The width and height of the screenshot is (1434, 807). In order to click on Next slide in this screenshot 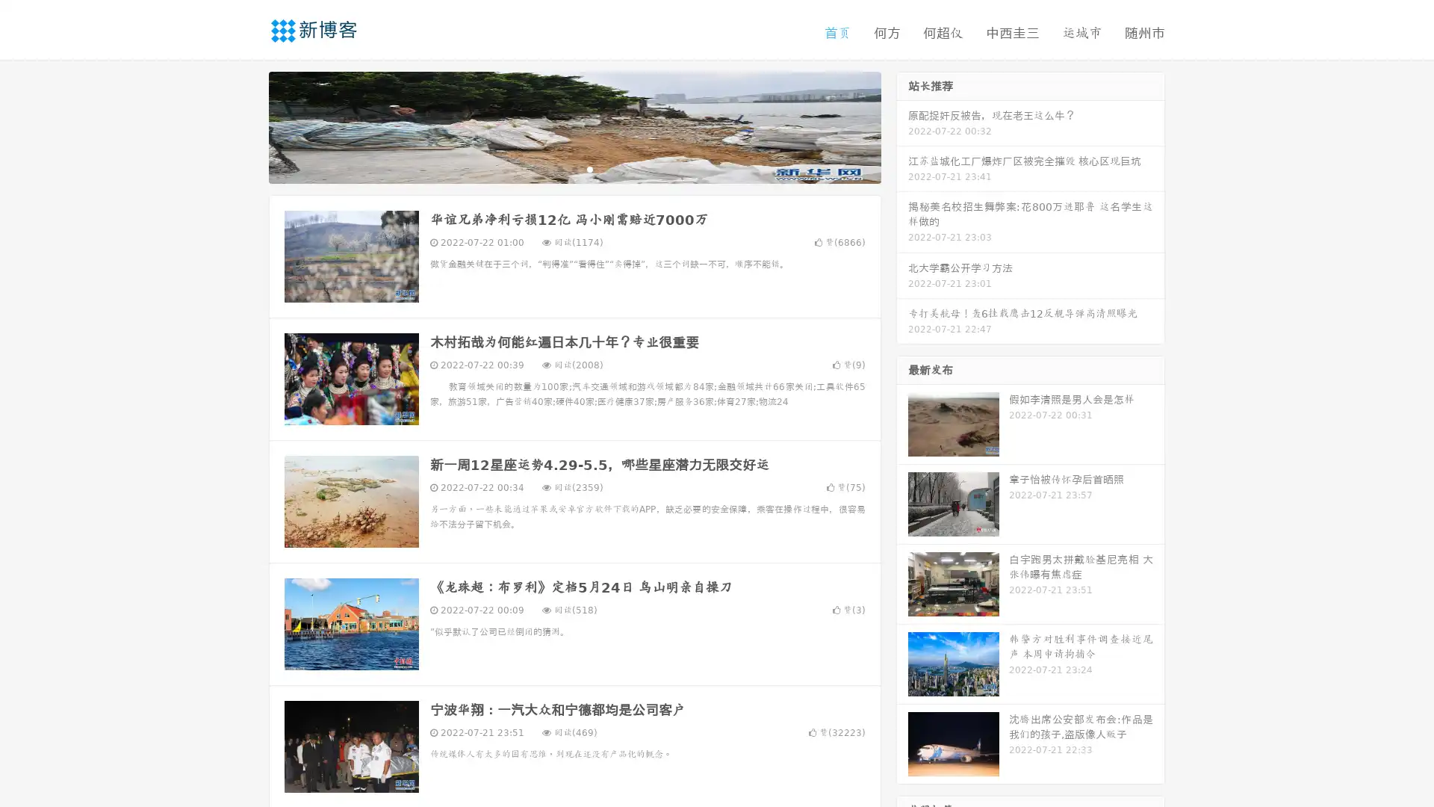, I will do `click(902, 126)`.